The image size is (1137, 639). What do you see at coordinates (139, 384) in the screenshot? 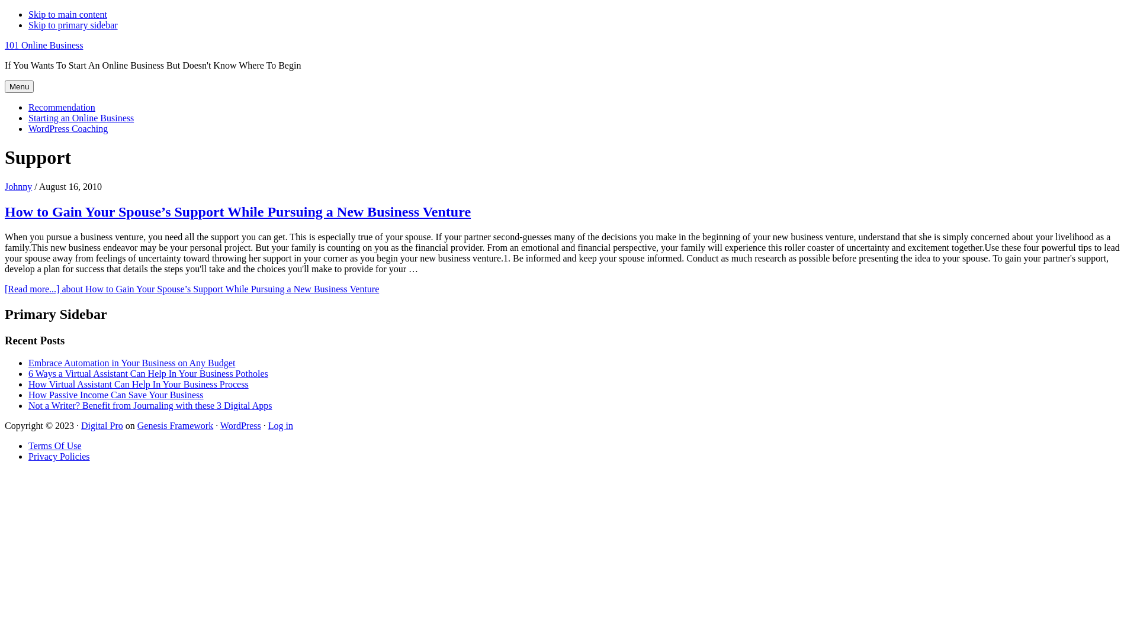
I see `'How Virtual Assistant Can Help In Your Business Process'` at bounding box center [139, 384].